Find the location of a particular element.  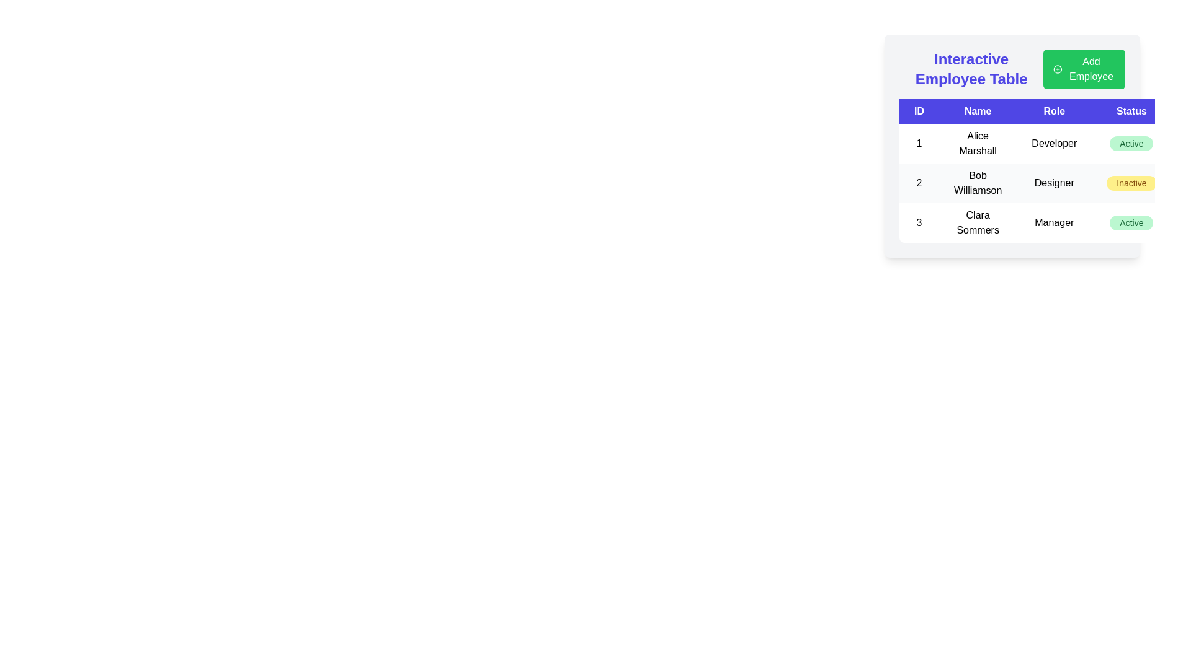

the 'Inactive' status label for user 'Bob Williamson', which has a yellow background and brown text, located in the fourth column of the row is located at coordinates (1131, 183).